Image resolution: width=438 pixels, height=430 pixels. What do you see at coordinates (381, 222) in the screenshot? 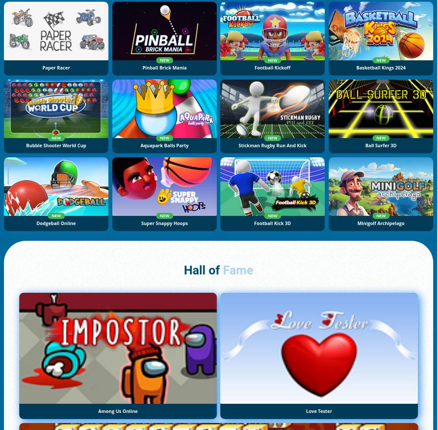
I see `'Minigolf Archipelago'` at bounding box center [381, 222].